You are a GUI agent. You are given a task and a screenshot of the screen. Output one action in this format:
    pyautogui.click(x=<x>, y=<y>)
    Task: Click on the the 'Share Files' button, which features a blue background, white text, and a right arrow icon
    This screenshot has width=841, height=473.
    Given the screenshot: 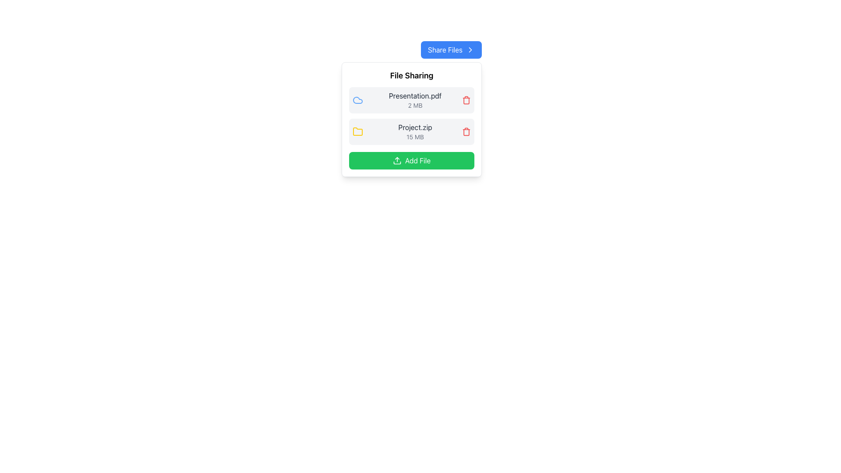 What is the action you would take?
    pyautogui.click(x=451, y=50)
    